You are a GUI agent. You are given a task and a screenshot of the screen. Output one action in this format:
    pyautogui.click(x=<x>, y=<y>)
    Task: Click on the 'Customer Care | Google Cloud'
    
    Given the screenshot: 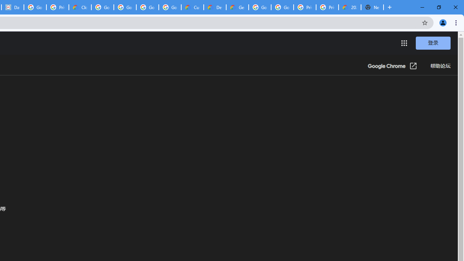 What is the action you would take?
    pyautogui.click(x=192, y=7)
    